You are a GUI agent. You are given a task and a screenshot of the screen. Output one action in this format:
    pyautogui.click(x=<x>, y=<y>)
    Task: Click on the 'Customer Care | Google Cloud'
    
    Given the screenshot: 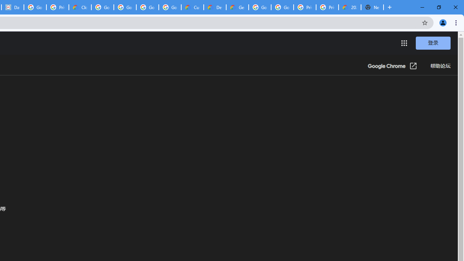 What is the action you would take?
    pyautogui.click(x=192, y=7)
    